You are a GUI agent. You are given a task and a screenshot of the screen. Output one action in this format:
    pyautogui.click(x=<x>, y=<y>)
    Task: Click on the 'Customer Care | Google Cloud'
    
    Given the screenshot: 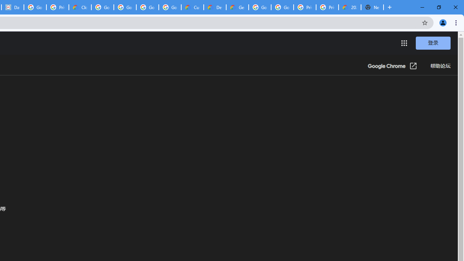 What is the action you would take?
    pyautogui.click(x=192, y=7)
    